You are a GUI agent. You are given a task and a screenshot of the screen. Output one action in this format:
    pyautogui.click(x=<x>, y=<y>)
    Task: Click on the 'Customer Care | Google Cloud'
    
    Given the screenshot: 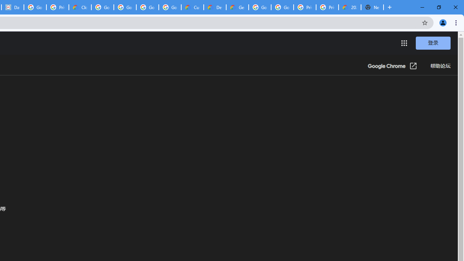 What is the action you would take?
    pyautogui.click(x=192, y=7)
    